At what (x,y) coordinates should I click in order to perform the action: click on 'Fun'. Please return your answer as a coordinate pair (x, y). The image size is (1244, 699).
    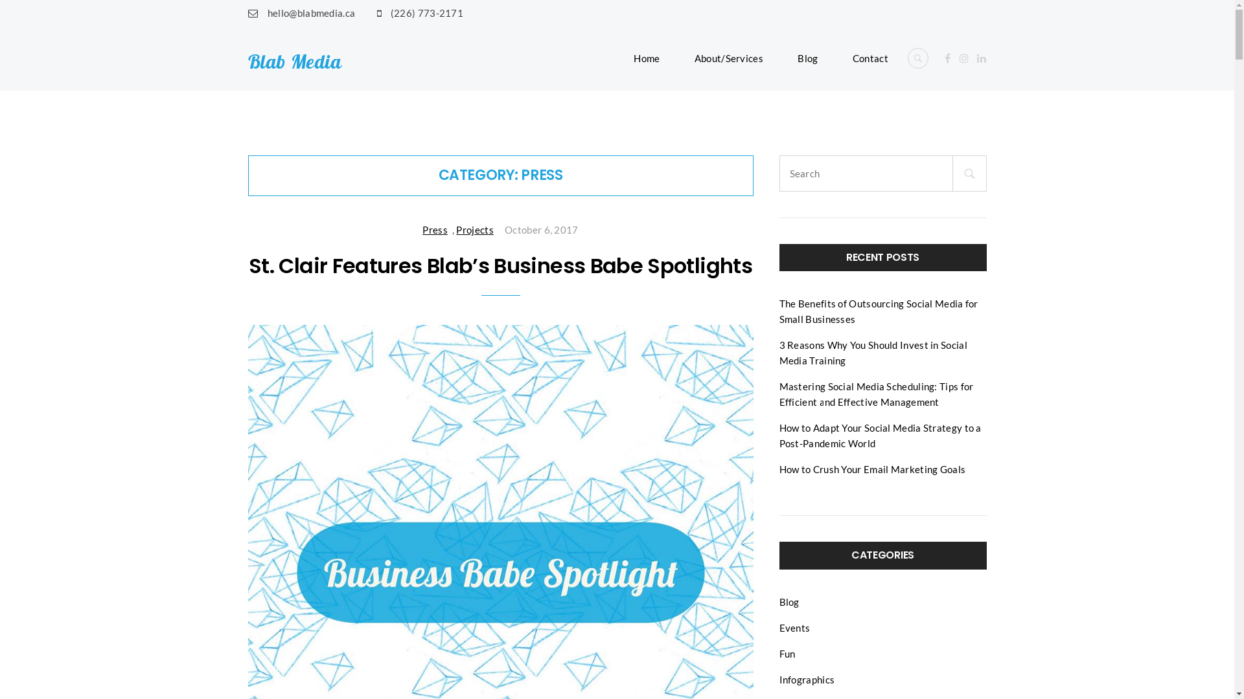
    Looking at the image, I should click on (786, 654).